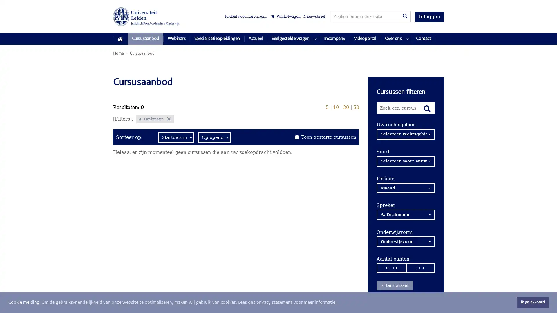  What do you see at coordinates (189, 302) in the screenshot?
I see `learn more about cookies` at bounding box center [189, 302].